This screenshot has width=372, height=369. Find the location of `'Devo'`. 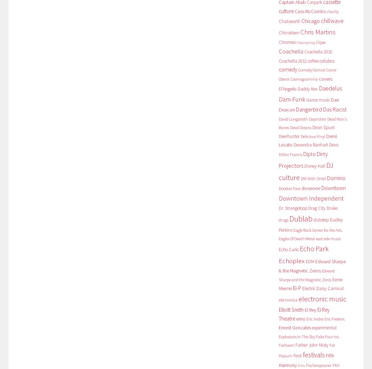

'Devo' is located at coordinates (333, 145).